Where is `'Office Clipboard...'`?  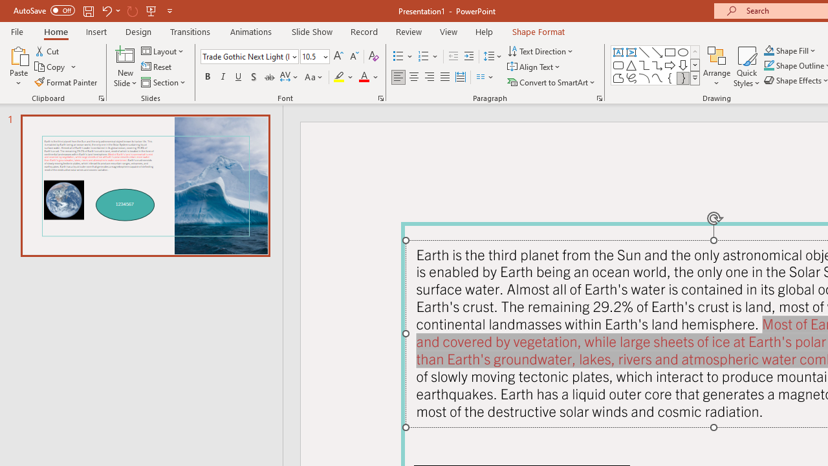 'Office Clipboard...' is located at coordinates (100, 97).